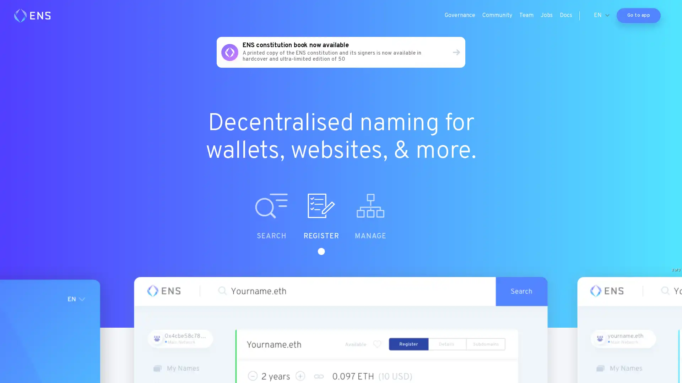 This screenshot has height=383, width=682. What do you see at coordinates (397, 224) in the screenshot?
I see `slide item 3` at bounding box center [397, 224].